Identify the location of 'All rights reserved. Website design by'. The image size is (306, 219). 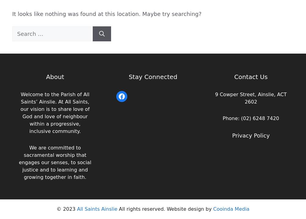
(165, 209).